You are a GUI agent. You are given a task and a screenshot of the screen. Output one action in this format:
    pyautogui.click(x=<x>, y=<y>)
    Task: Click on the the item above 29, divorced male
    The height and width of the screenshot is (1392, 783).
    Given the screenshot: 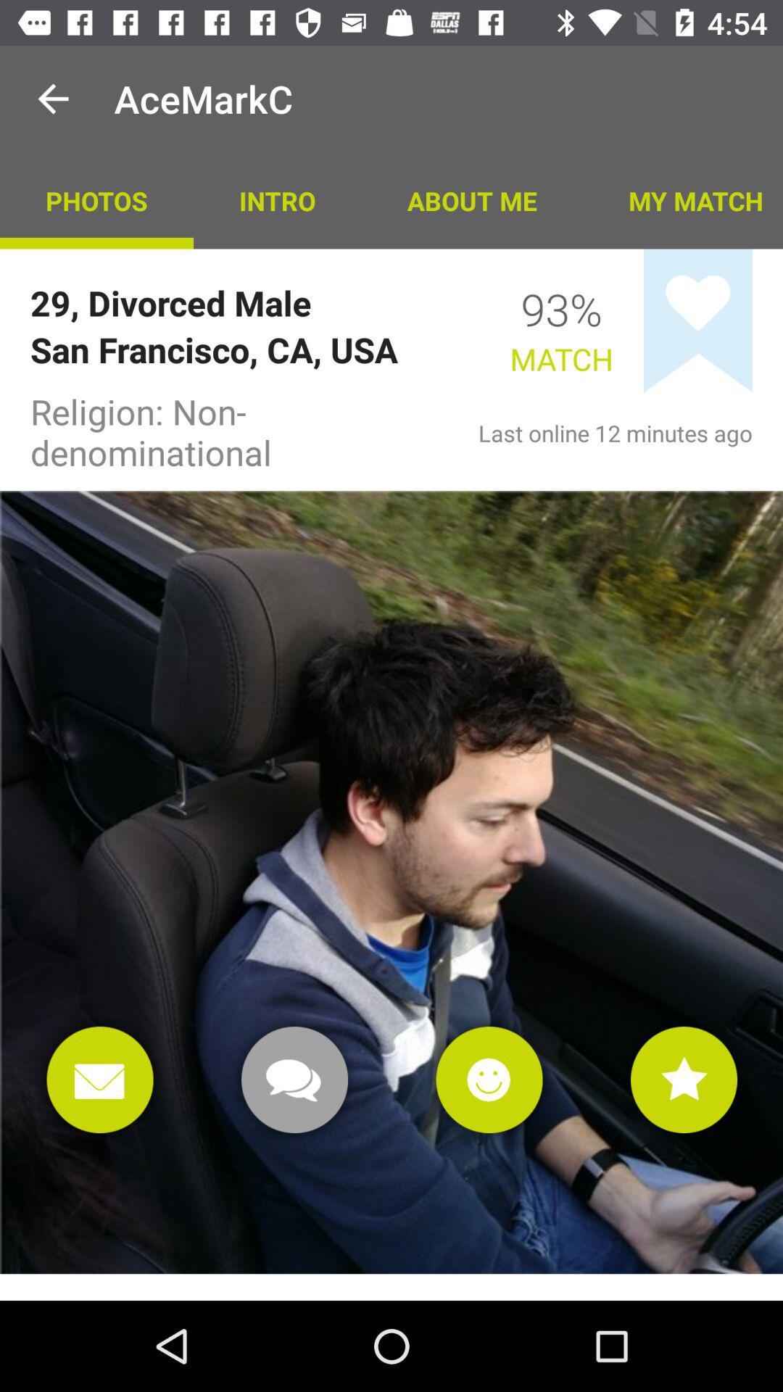 What is the action you would take?
    pyautogui.click(x=277, y=199)
    